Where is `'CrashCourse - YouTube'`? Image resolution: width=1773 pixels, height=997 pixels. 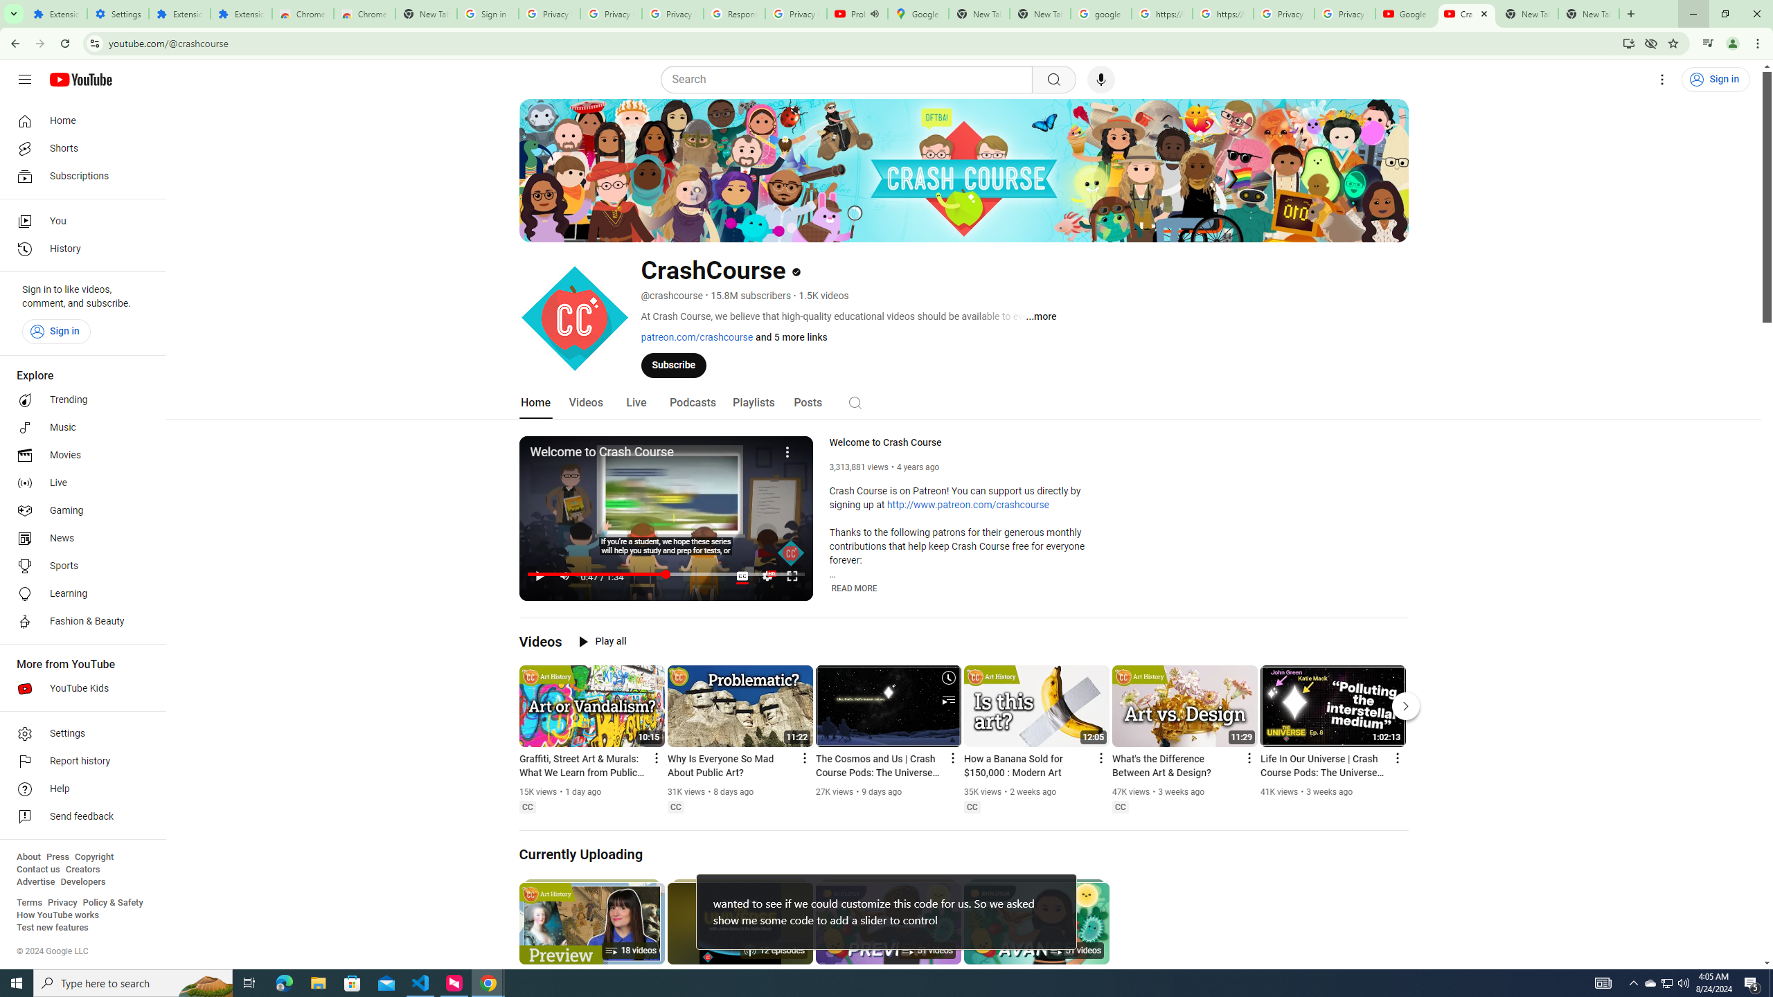 'CrashCourse - YouTube' is located at coordinates (1466, 13).